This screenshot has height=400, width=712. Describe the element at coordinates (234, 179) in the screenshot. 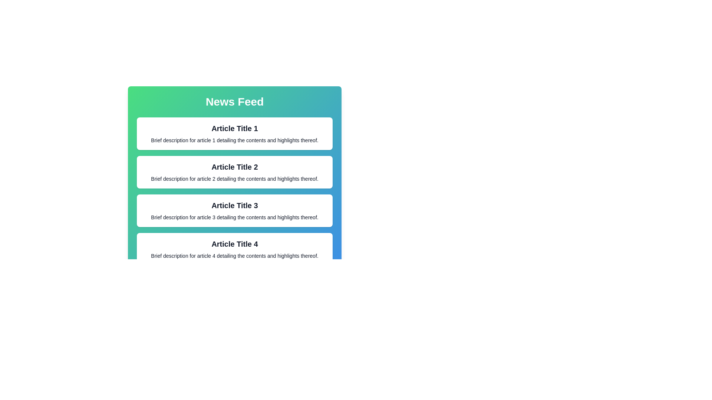

I see `the descriptive text element located under 'Article Title 2' in the News Feed section, which provides additional information about the article` at that location.